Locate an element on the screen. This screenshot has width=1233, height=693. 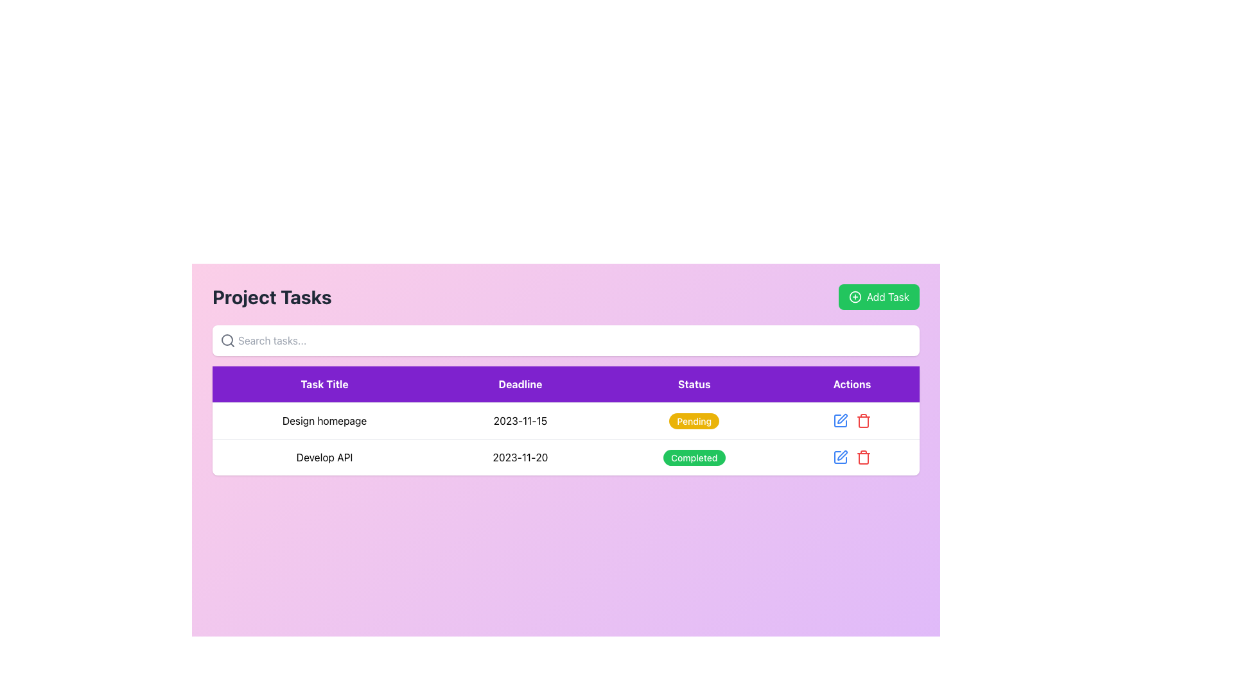
the second row of the task information table, which displays details such as title, deadline, and current status, located directly below the row labeled 'Design homepage' is located at coordinates (565, 456).